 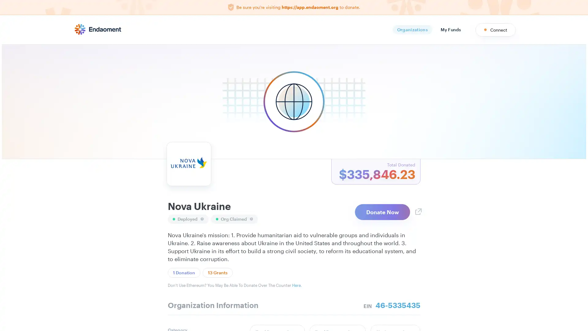 I want to click on Deployed, so click(x=187, y=218).